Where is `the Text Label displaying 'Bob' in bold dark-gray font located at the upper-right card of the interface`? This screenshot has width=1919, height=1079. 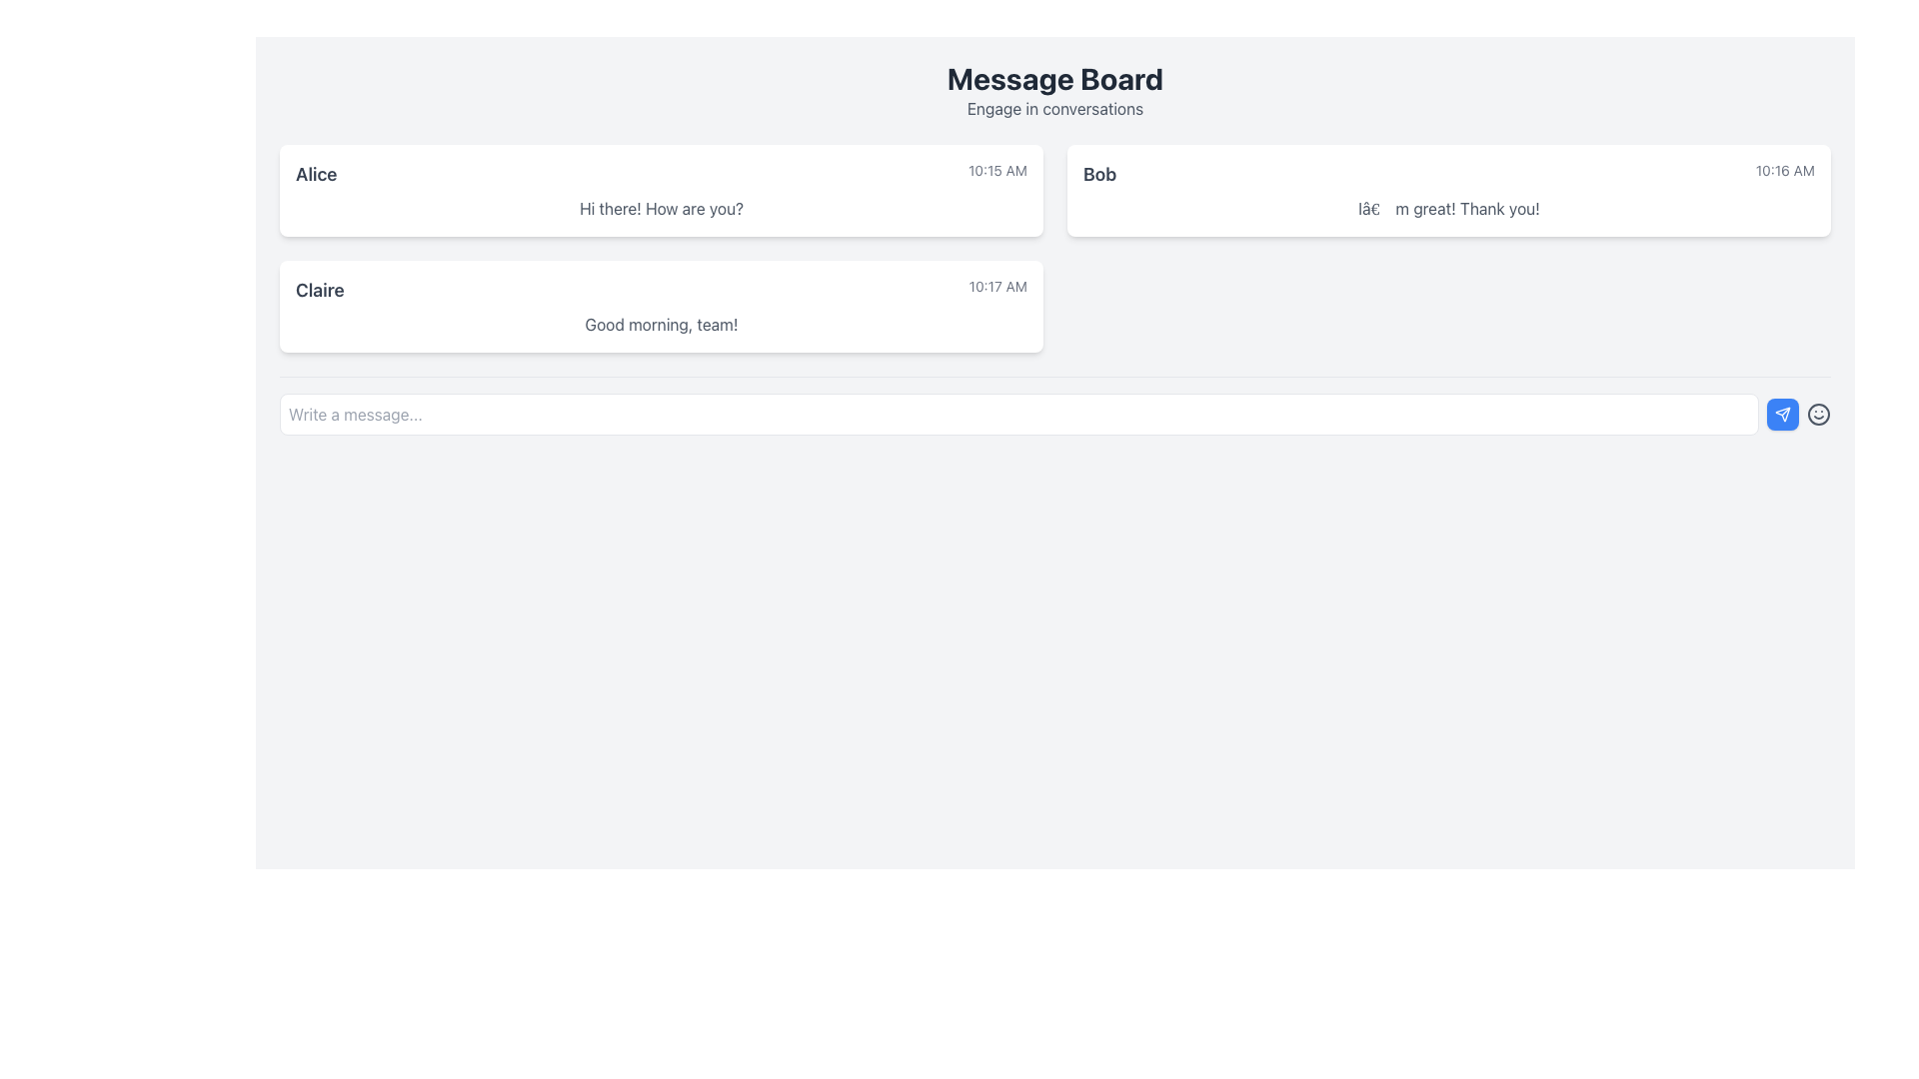 the Text Label displaying 'Bob' in bold dark-gray font located at the upper-right card of the interface is located at coordinates (1098, 173).